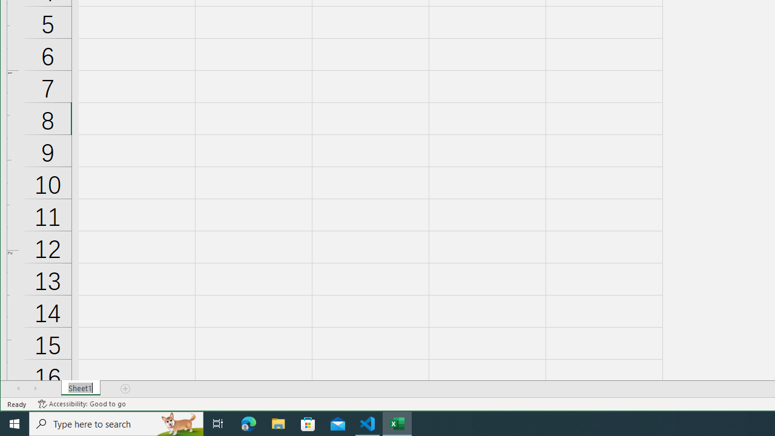  What do you see at coordinates (217, 423) in the screenshot?
I see `'Task View'` at bounding box center [217, 423].